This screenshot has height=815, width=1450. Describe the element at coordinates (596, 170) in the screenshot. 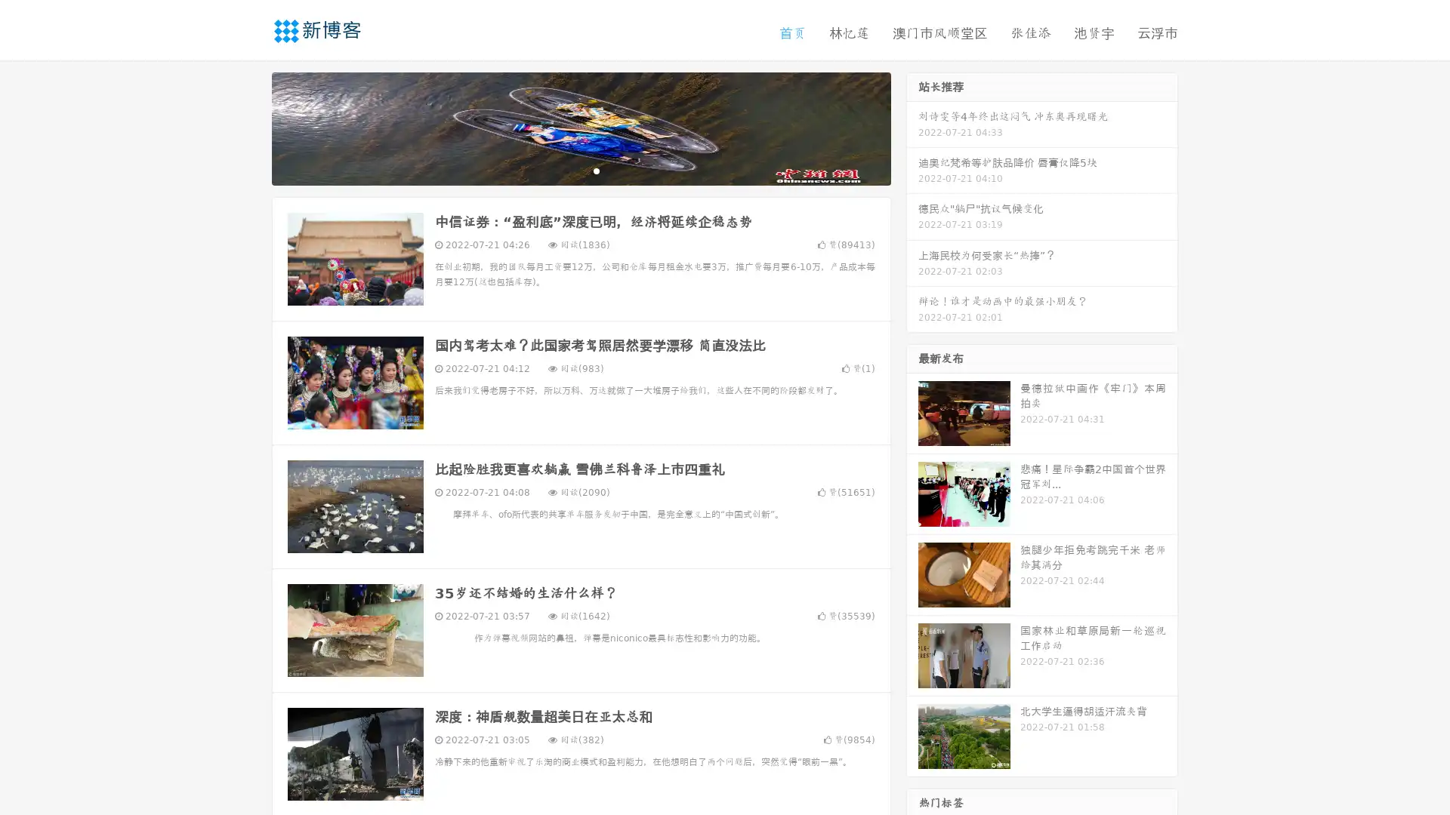

I see `Go to slide 3` at that location.